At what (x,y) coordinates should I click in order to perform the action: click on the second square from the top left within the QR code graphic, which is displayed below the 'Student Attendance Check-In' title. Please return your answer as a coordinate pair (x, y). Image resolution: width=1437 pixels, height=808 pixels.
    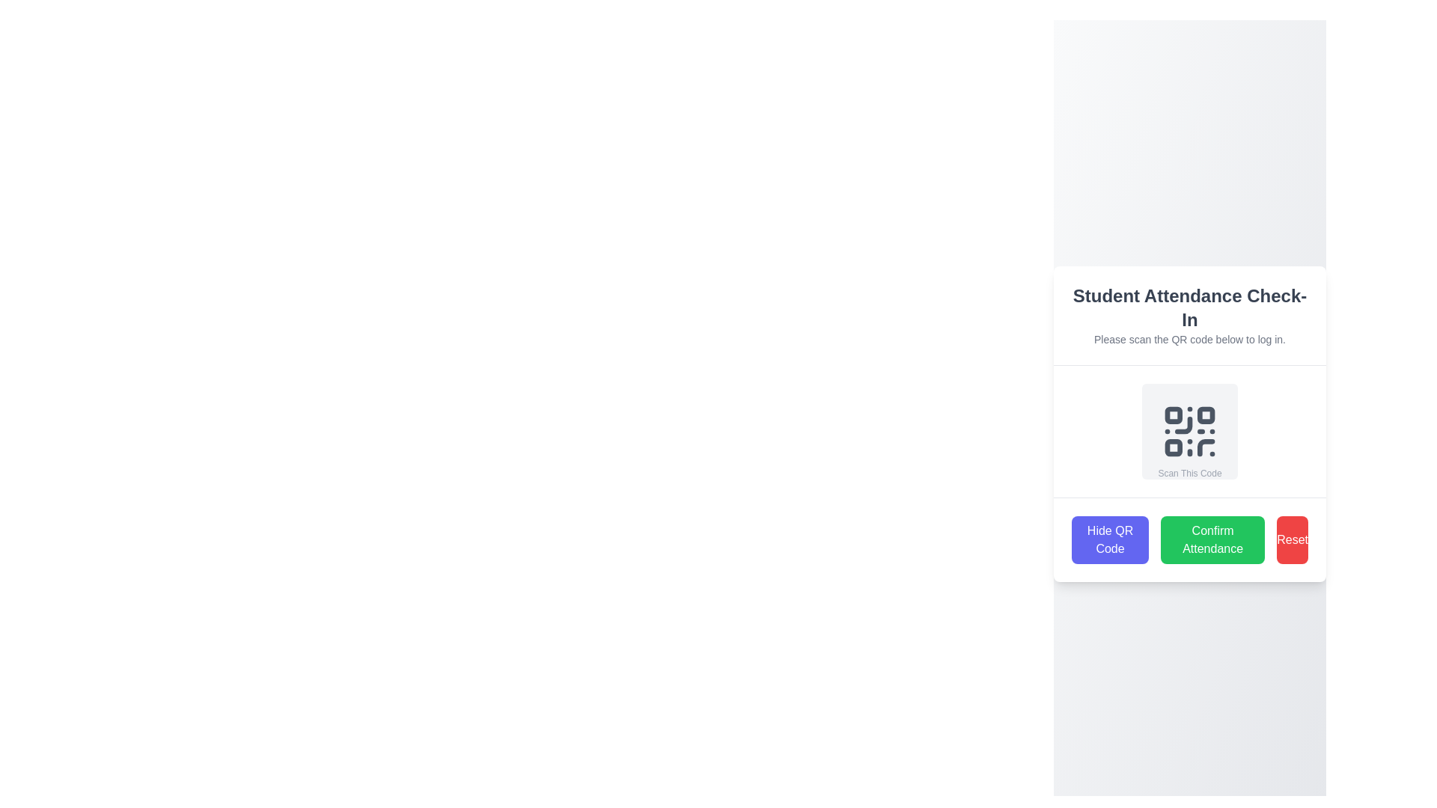
    Looking at the image, I should click on (1206, 415).